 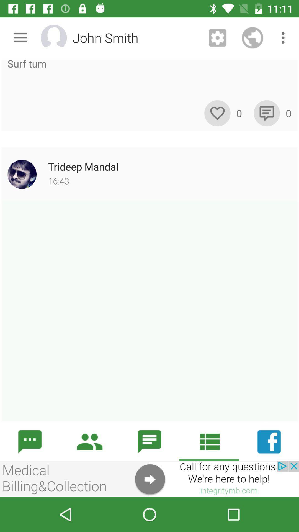 I want to click on click advertisement, so click(x=149, y=479).